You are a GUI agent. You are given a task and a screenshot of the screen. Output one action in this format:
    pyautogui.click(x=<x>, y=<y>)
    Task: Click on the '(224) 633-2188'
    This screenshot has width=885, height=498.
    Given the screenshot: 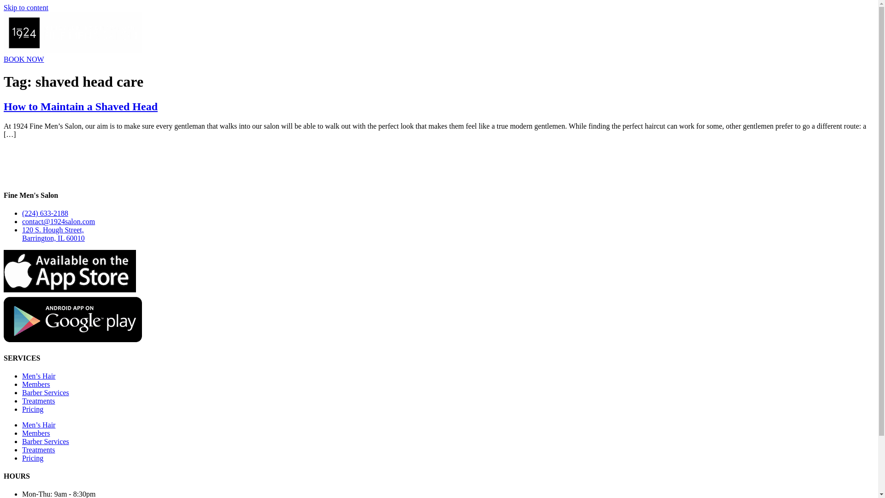 What is the action you would take?
    pyautogui.click(x=44, y=213)
    